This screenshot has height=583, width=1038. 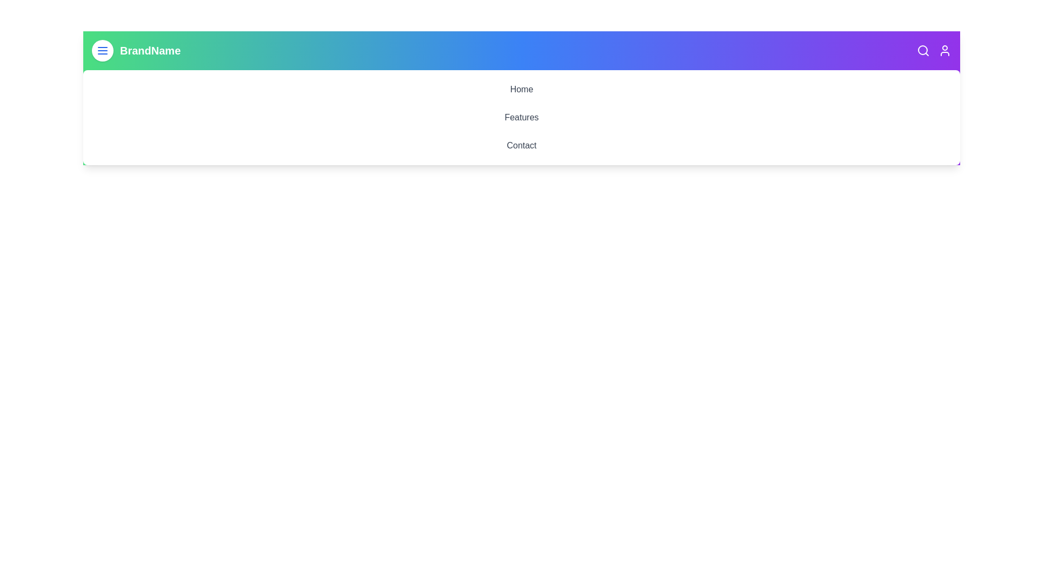 I want to click on the search icon to activate the search functionality, so click(x=923, y=50).